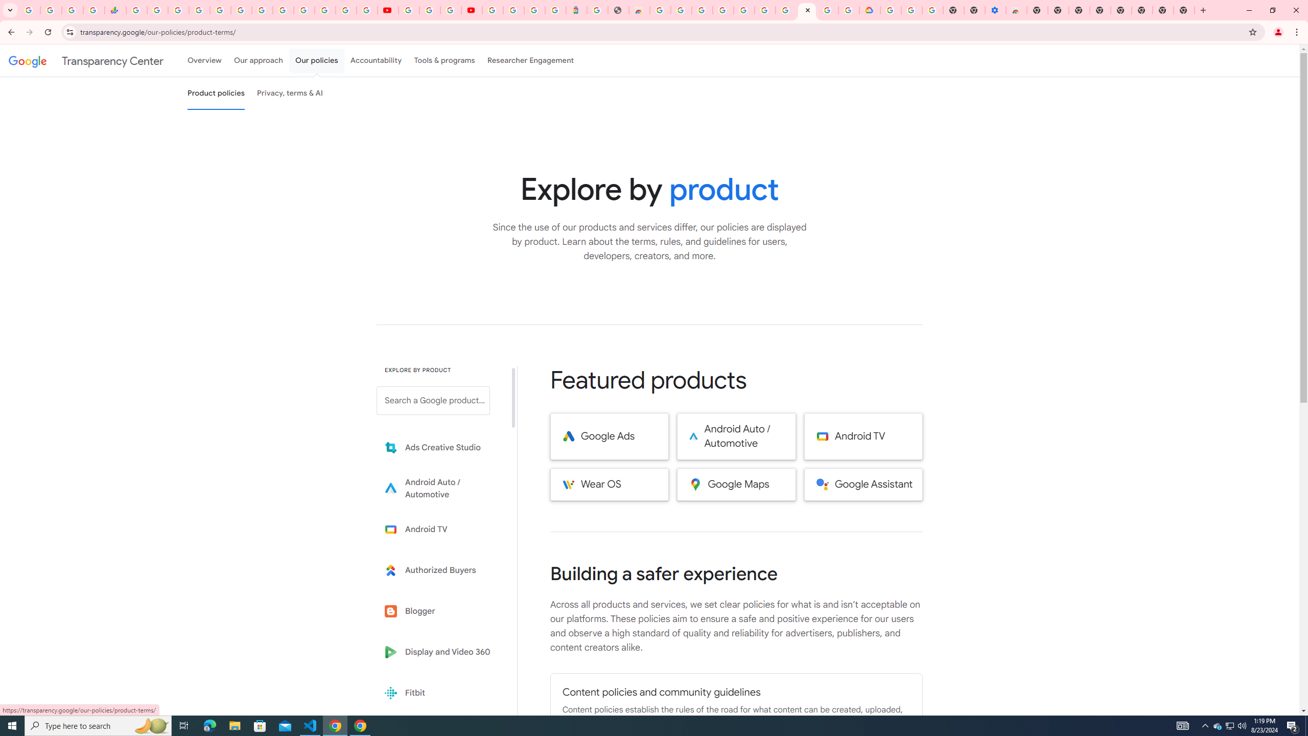 This screenshot has height=736, width=1308. I want to click on 'Search a Google product from below list.', so click(433, 401).